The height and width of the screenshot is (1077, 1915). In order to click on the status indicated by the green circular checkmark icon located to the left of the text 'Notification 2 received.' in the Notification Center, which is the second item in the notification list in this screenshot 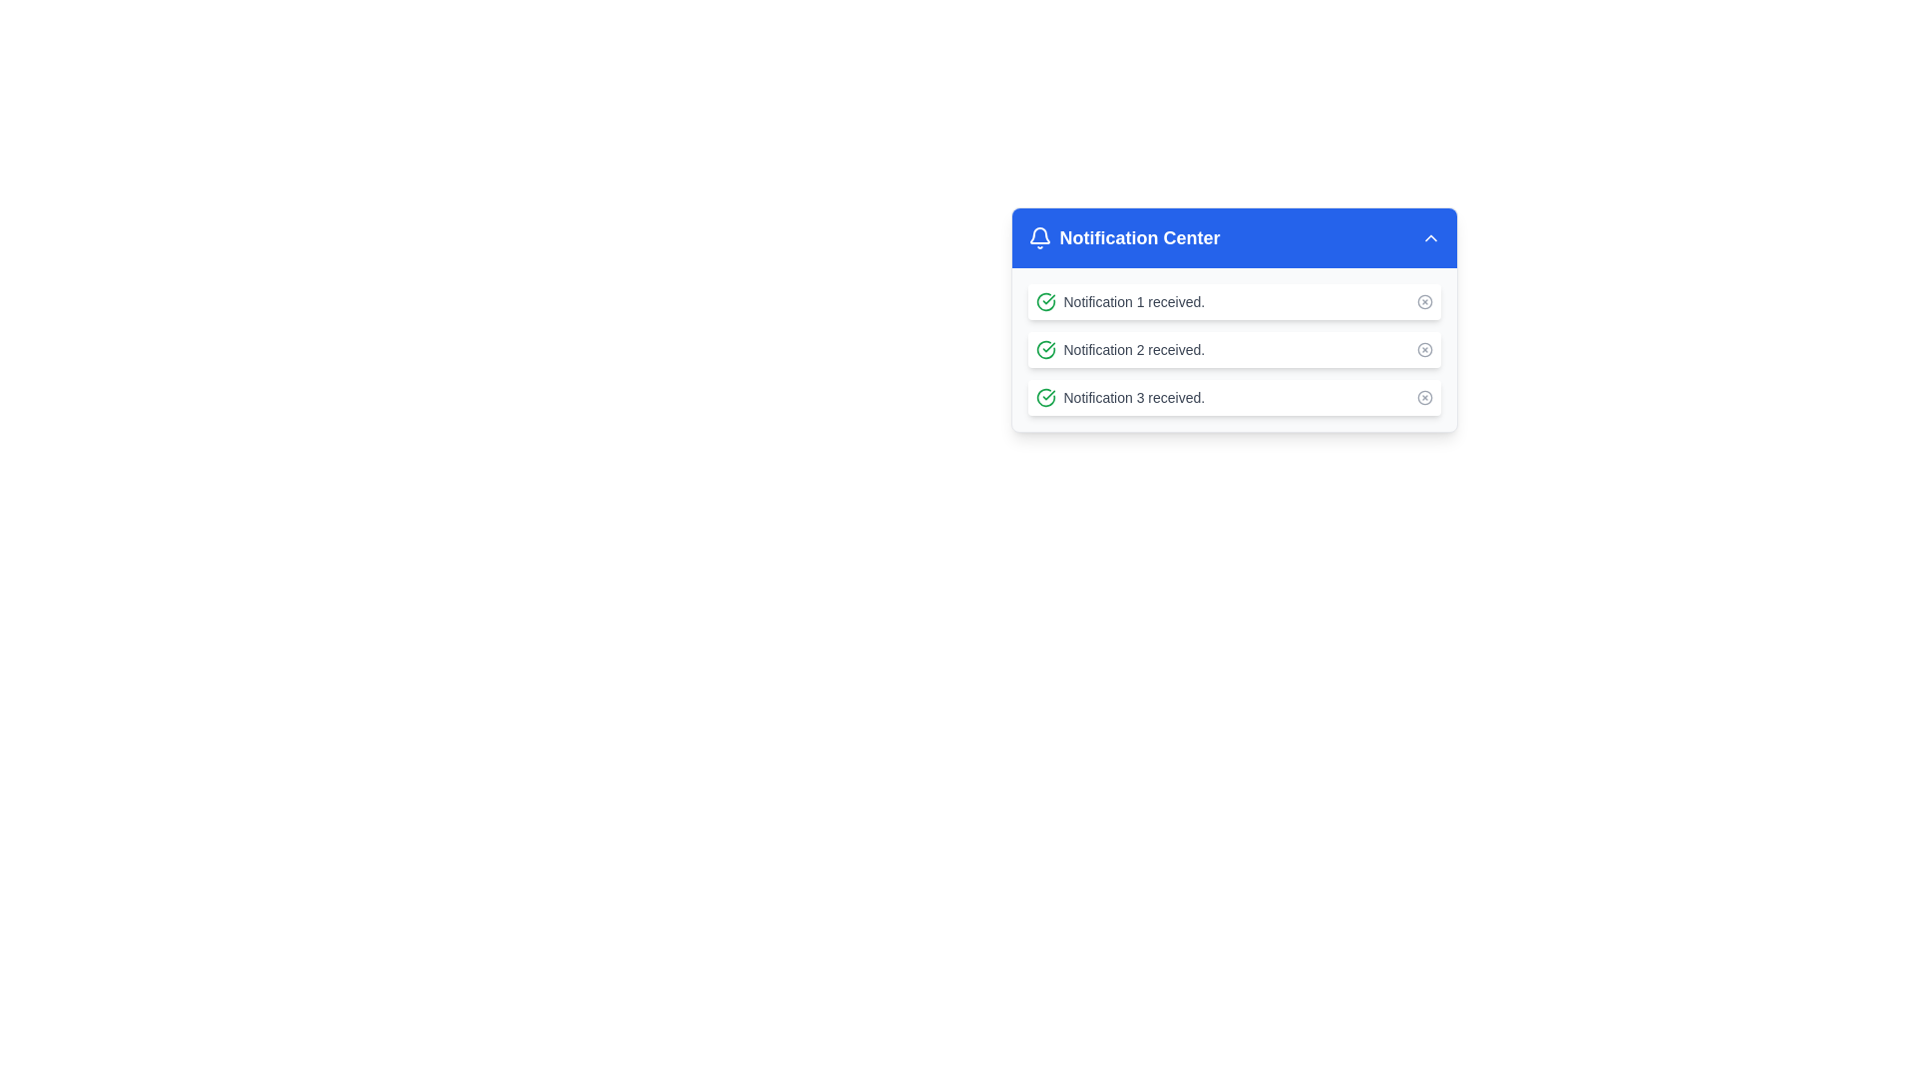, I will do `click(1044, 349)`.